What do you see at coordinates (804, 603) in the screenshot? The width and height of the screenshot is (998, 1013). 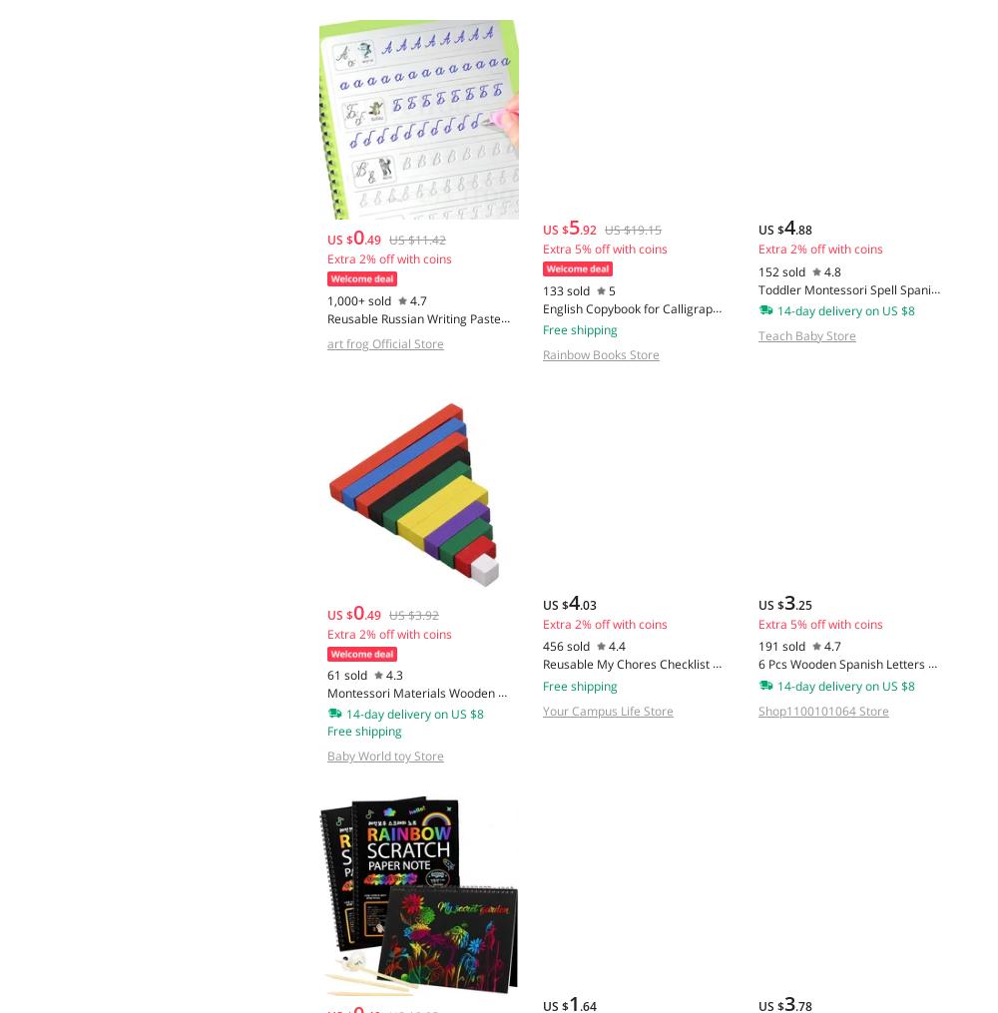 I see `'25'` at bounding box center [804, 603].